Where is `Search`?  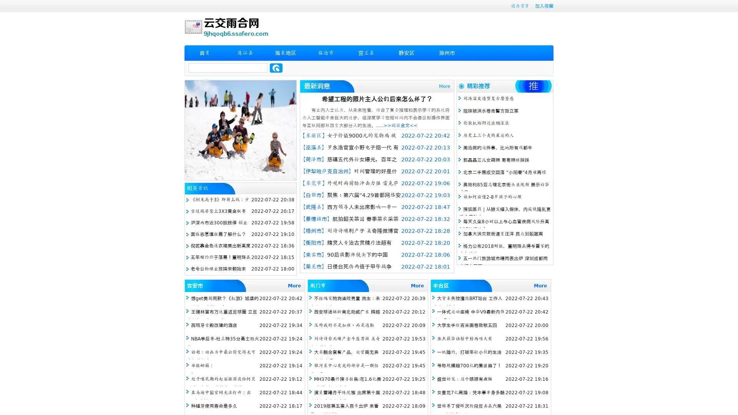 Search is located at coordinates (276, 68).